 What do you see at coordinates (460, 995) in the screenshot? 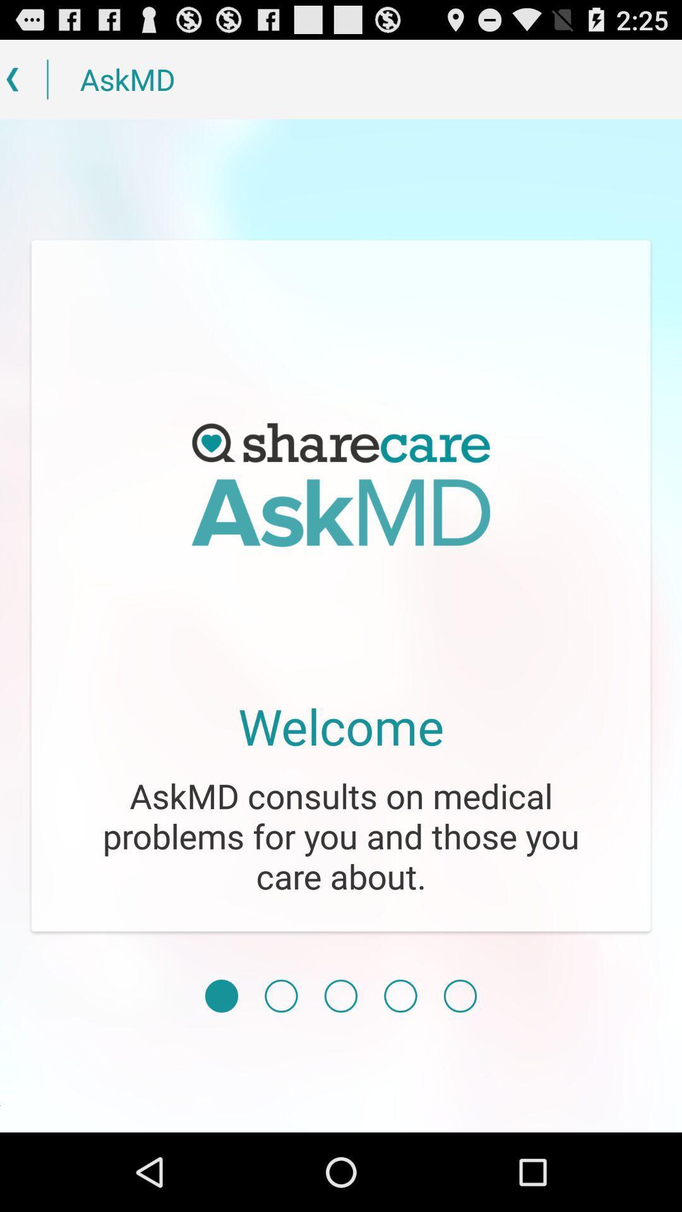
I see `displays an image in the photo set corresponding to the option placement` at bounding box center [460, 995].